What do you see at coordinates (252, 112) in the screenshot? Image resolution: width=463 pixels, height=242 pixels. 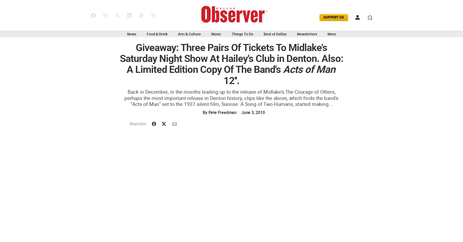 I see `'June 3, 2010'` at bounding box center [252, 112].